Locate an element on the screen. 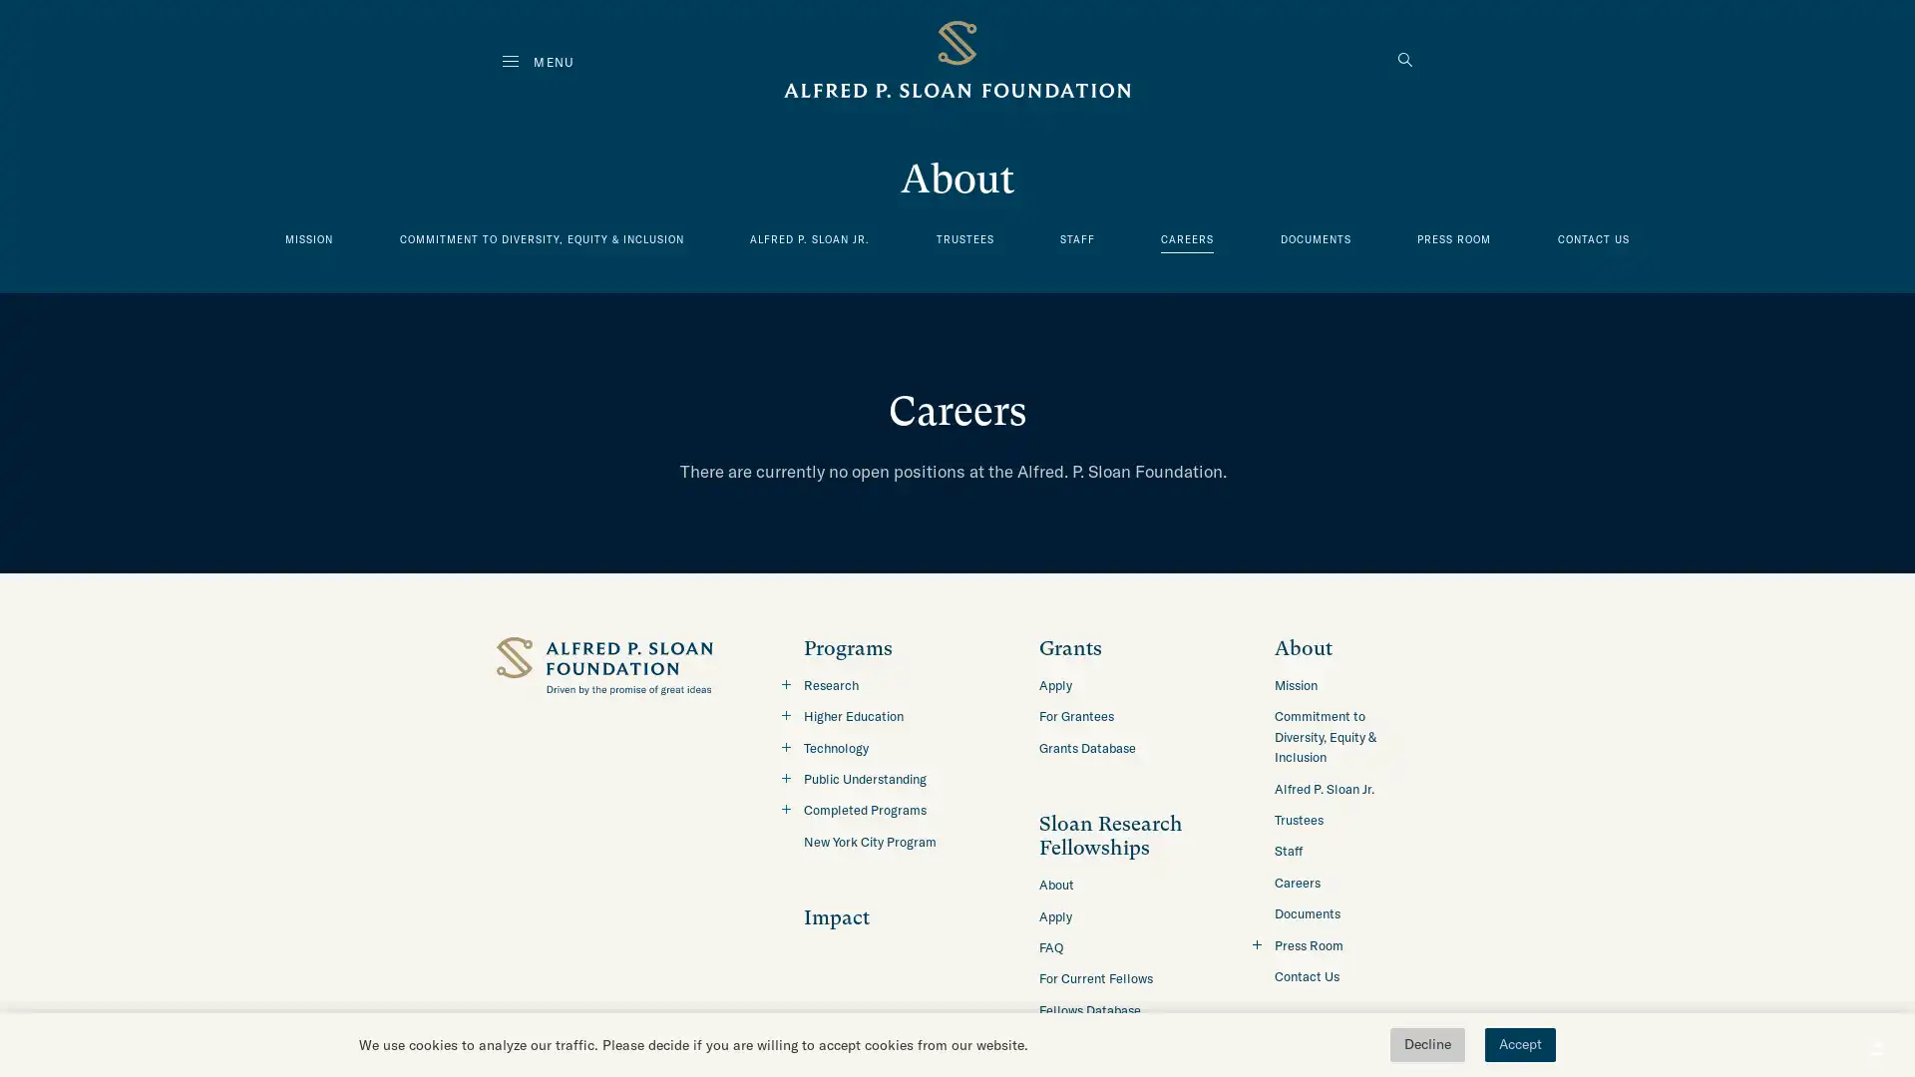  Click to expand this navigation menu is located at coordinates (784, 746).